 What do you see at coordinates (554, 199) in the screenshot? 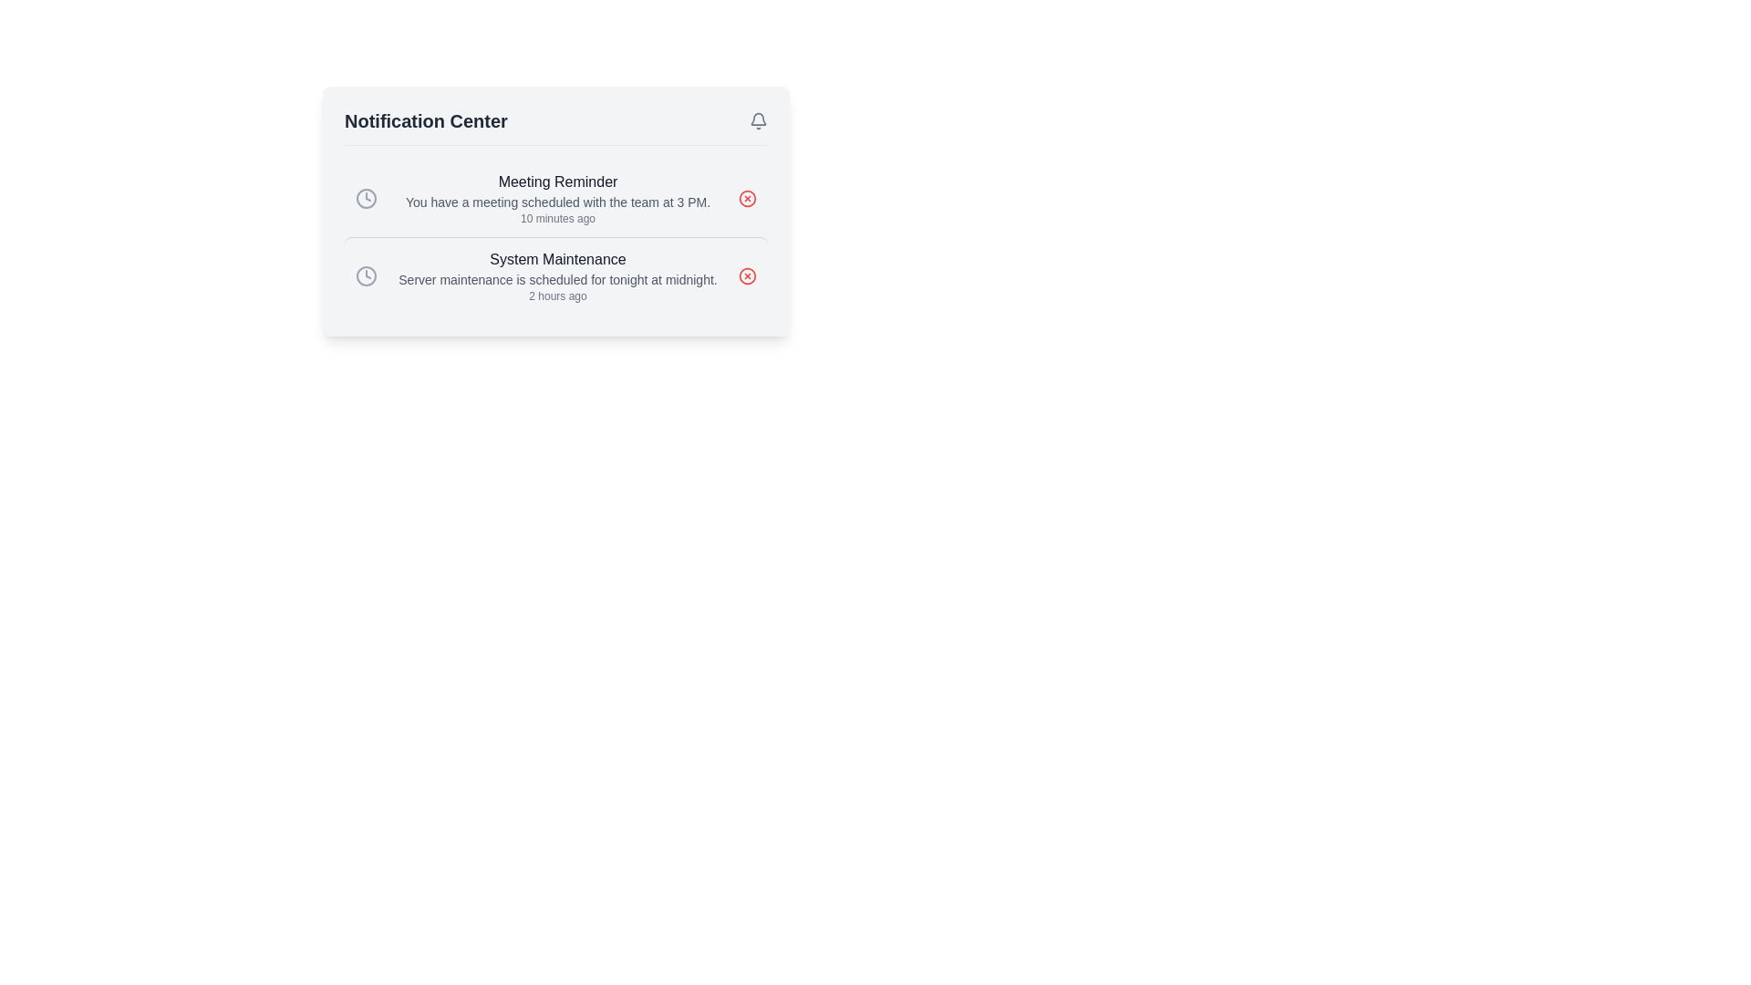
I see `the Notification item titled 'Meeting Reminder' that contains the description 'You have a meeting scheduled with the team at 3 PM.'` at bounding box center [554, 199].